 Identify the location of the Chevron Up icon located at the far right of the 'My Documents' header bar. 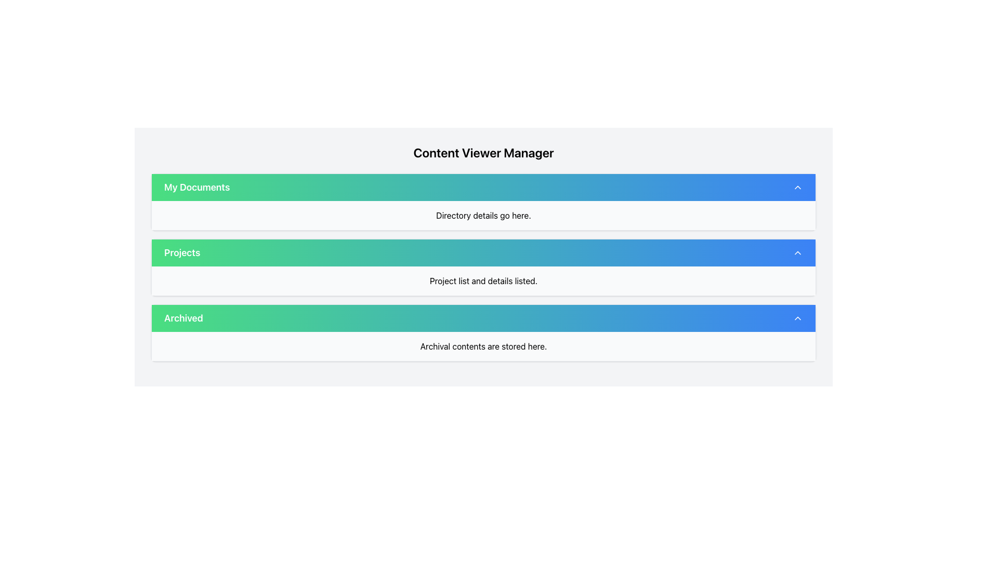
(797, 188).